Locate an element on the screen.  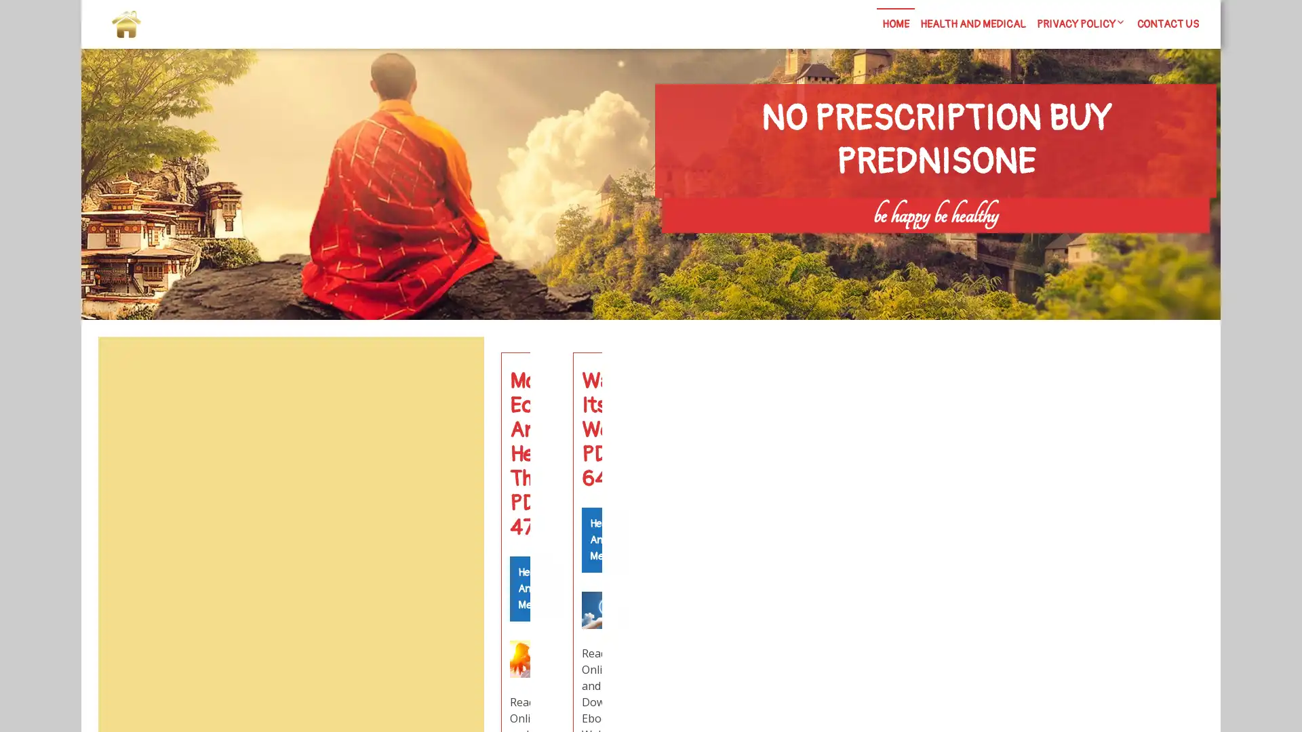
Search is located at coordinates (452, 369).